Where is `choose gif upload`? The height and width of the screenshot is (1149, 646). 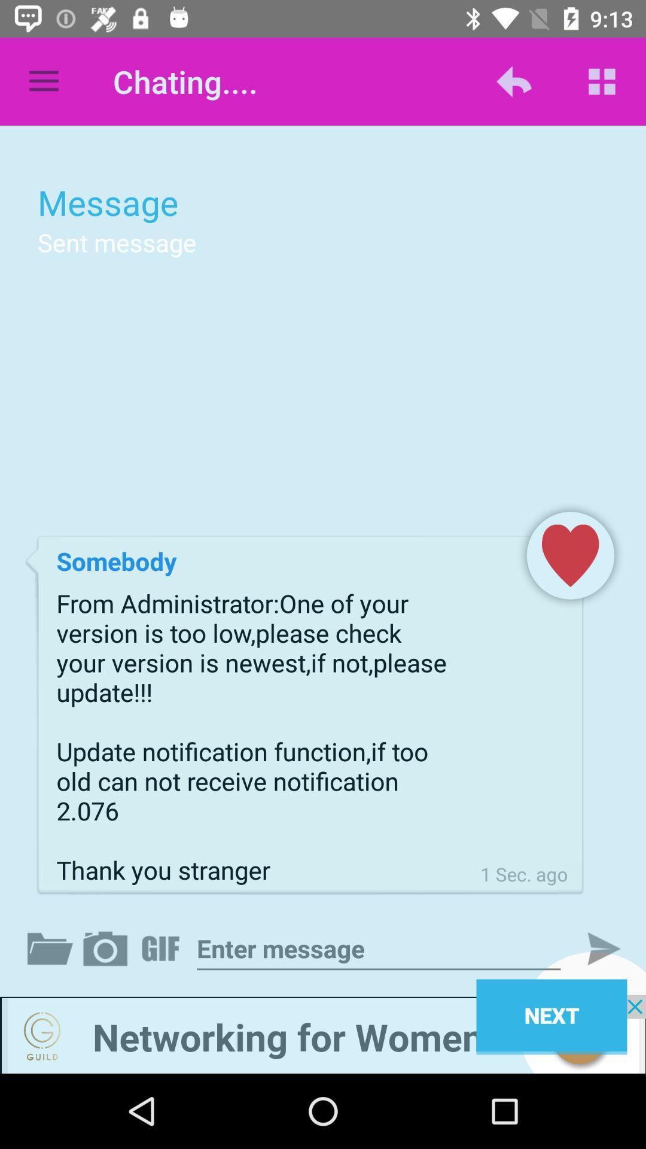
choose gif upload is located at coordinates (163, 948).